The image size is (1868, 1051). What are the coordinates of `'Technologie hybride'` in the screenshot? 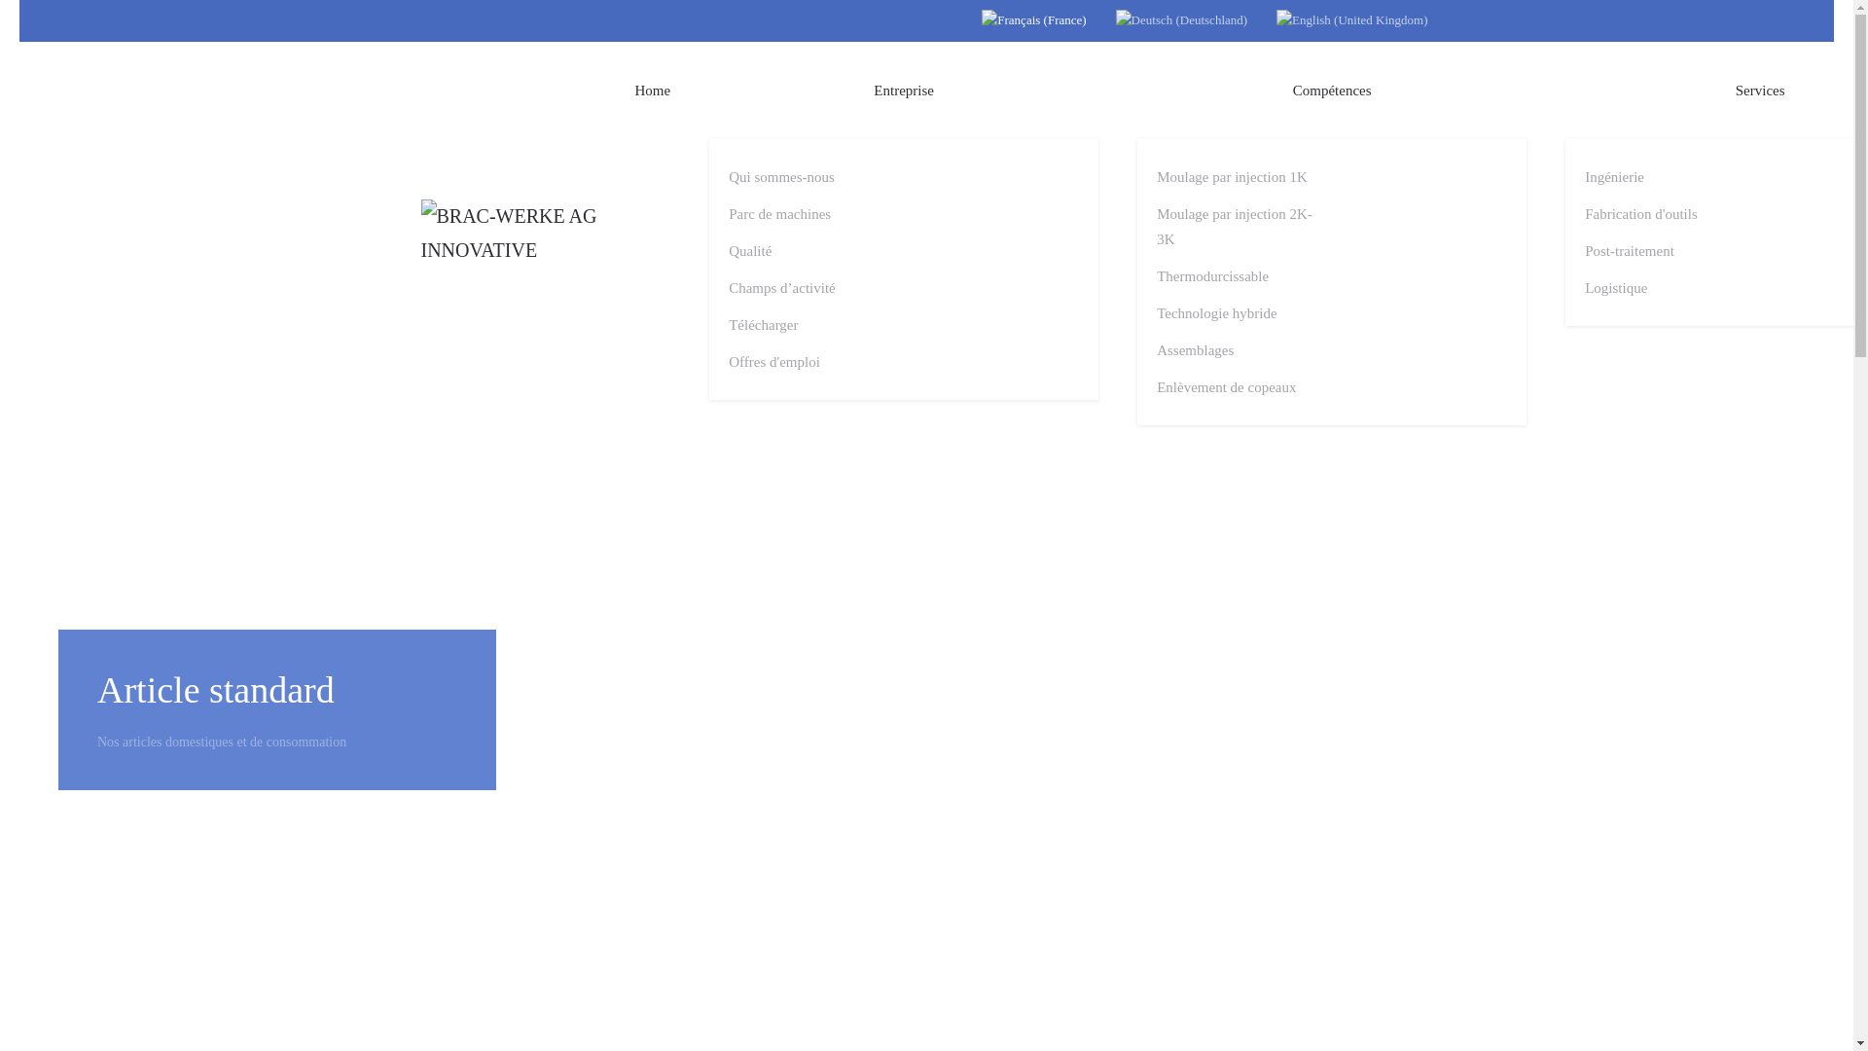 It's located at (1157, 311).